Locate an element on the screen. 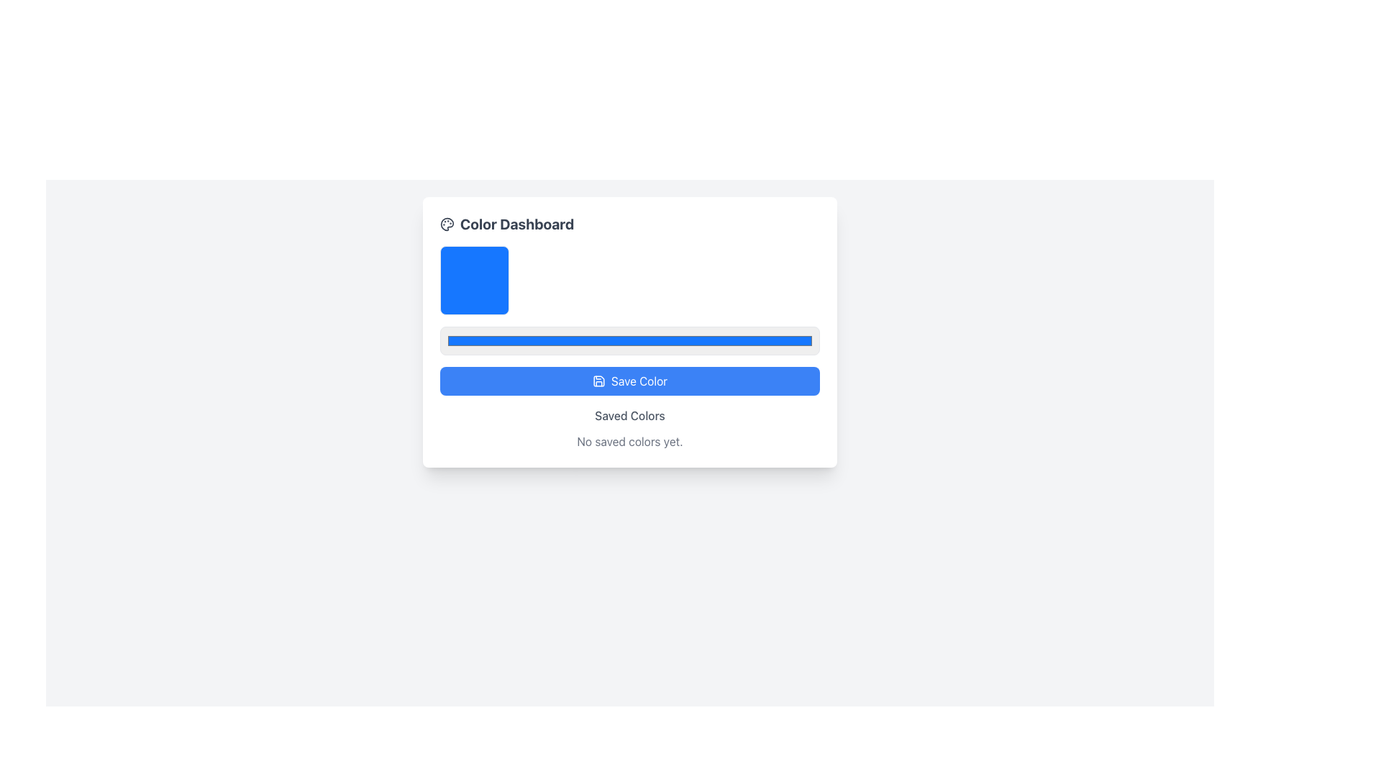 The height and width of the screenshot is (777, 1381). the Text Label that serves as a header for the section displaying saved color information, located roughly at the center of the viewport horizontally, above the text 'No saved colors yet.' is located at coordinates (629, 416).